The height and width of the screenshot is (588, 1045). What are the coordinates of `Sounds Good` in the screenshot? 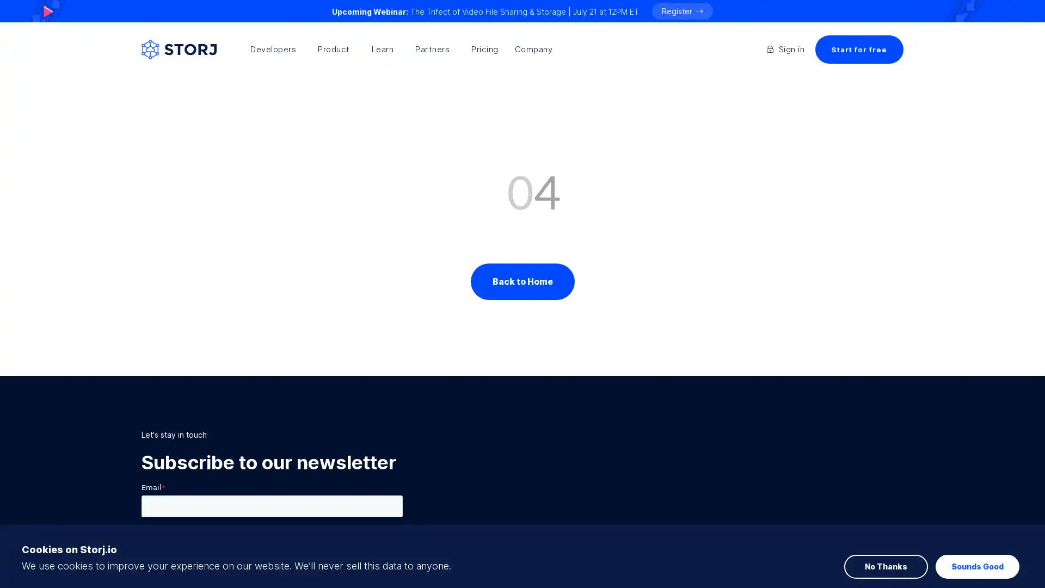 It's located at (977, 532).